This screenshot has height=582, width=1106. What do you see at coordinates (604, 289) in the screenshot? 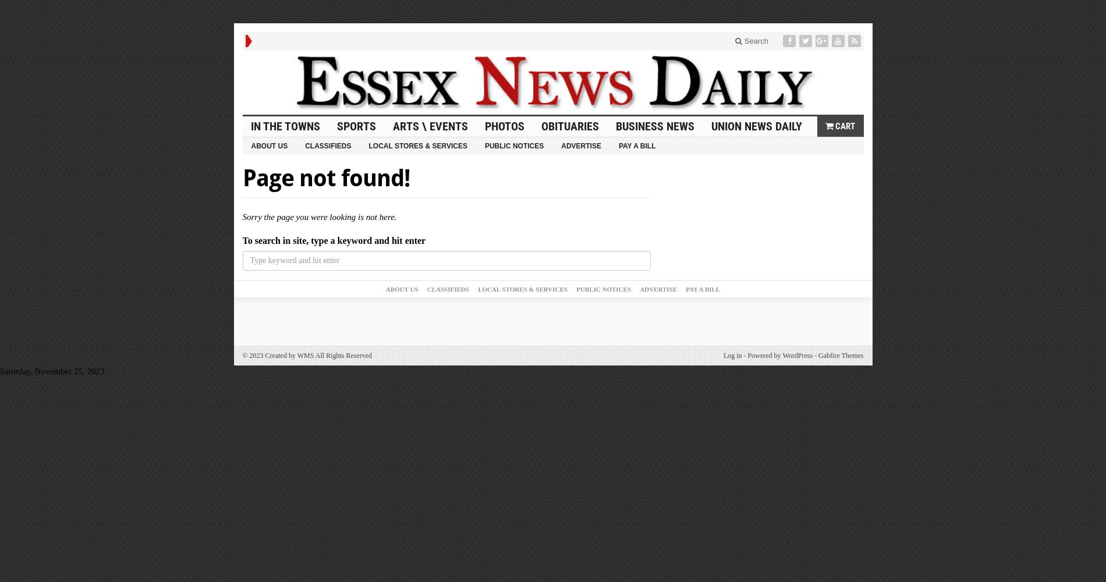
I see `'PUBLIC NOTICES'` at bounding box center [604, 289].